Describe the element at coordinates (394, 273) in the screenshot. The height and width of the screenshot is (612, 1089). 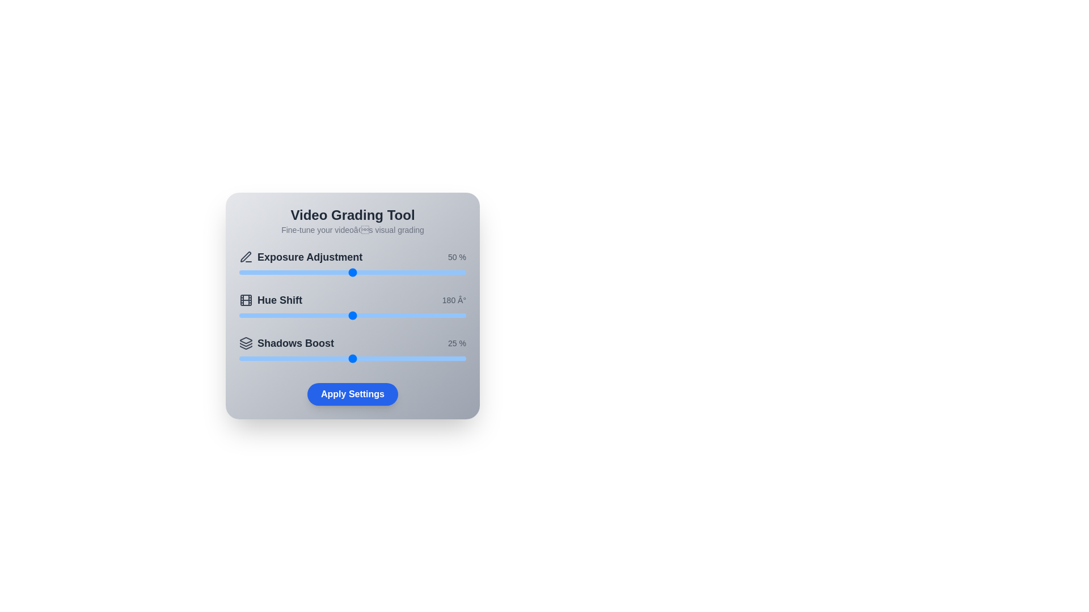
I see `the exposure adjustment` at that location.